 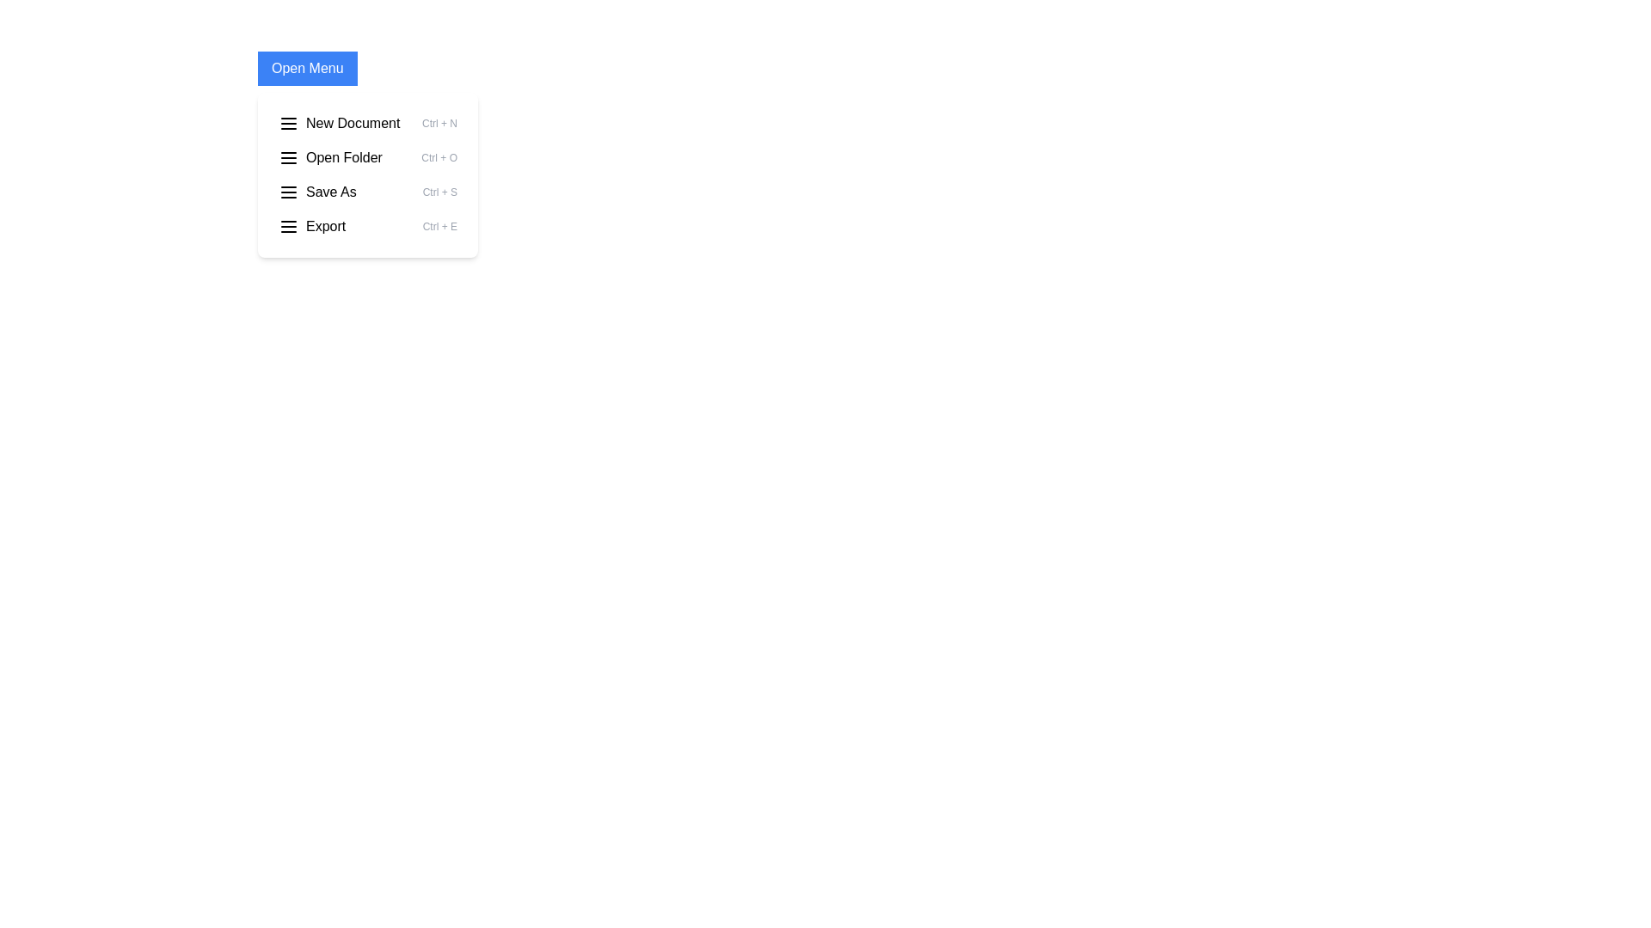 I want to click on the 'New Document' menu item in the dropdown menu, so click(x=352, y=122).